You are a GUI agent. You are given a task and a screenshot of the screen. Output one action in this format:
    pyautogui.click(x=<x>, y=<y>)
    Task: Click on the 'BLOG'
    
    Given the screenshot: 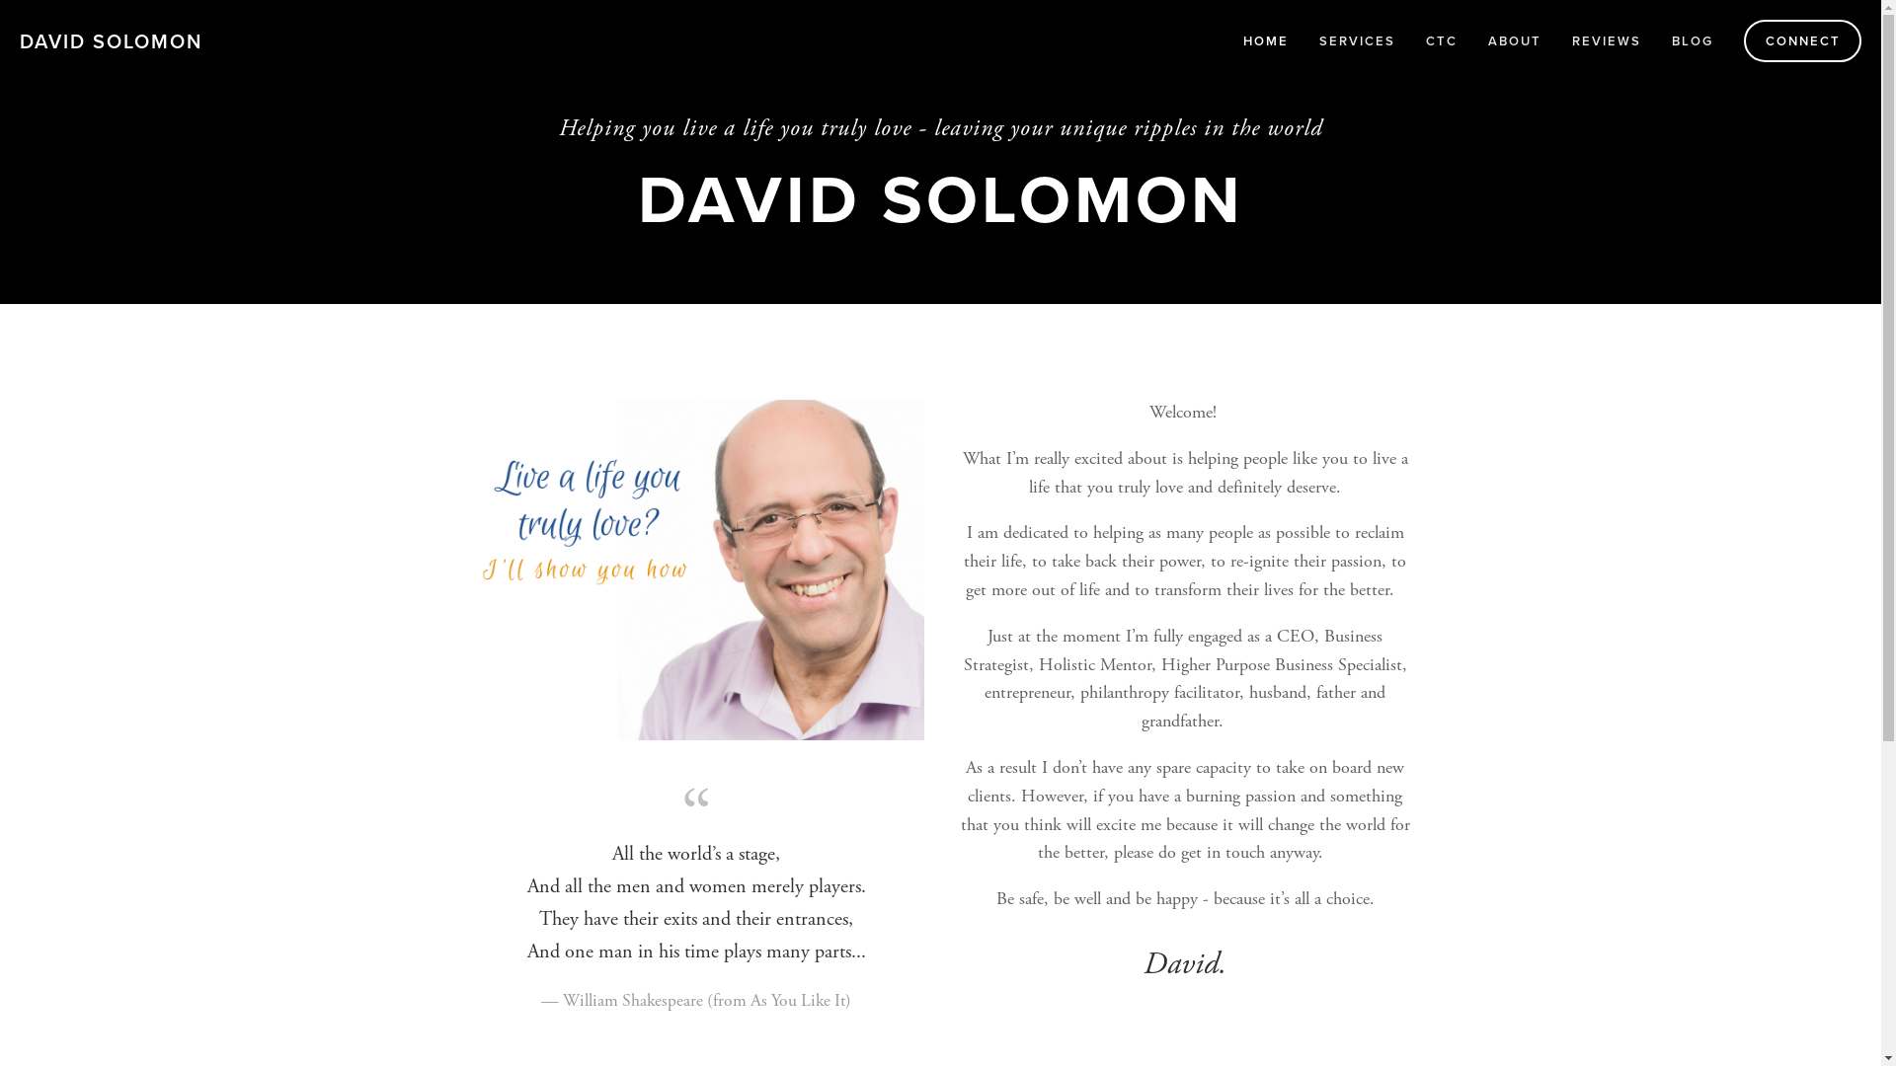 What is the action you would take?
    pyautogui.click(x=1691, y=40)
    